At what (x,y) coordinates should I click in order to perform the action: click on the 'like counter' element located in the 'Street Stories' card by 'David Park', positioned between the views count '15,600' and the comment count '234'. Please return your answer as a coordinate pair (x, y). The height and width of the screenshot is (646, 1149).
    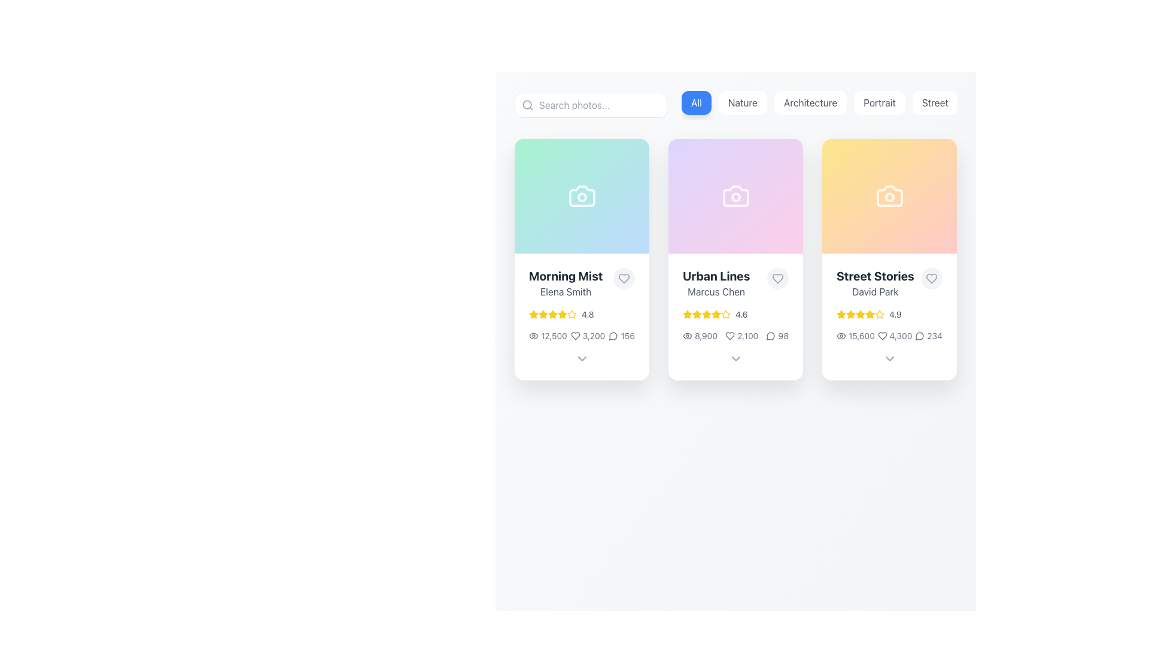
    Looking at the image, I should click on (895, 336).